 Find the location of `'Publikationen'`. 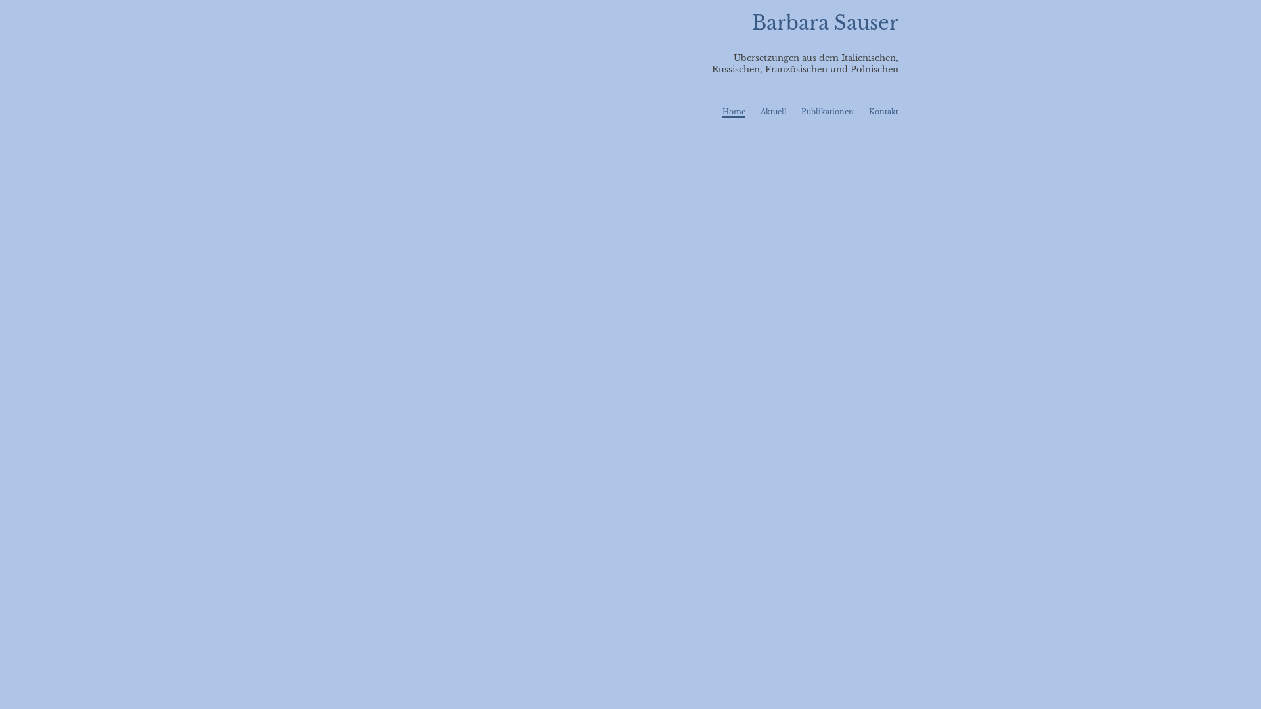

'Publikationen' is located at coordinates (826, 110).